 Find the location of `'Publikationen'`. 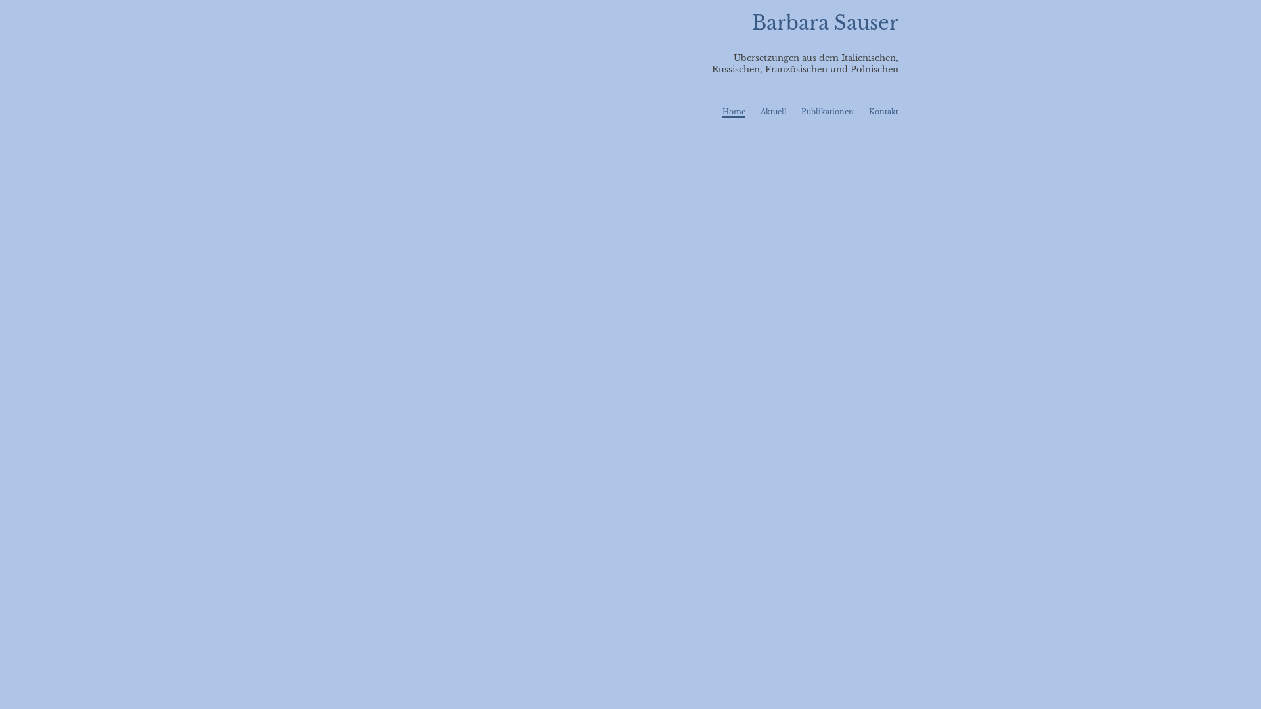

'Publikationen' is located at coordinates (826, 110).